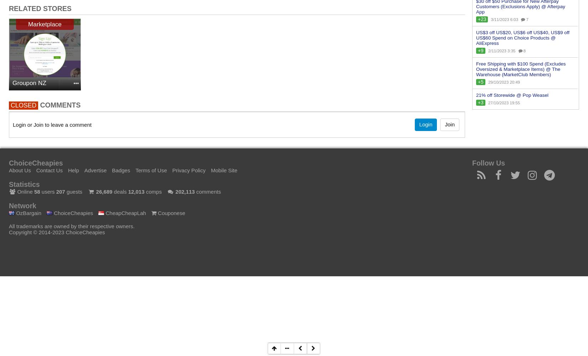  What do you see at coordinates (184, 191) in the screenshot?
I see `'202,113'` at bounding box center [184, 191].